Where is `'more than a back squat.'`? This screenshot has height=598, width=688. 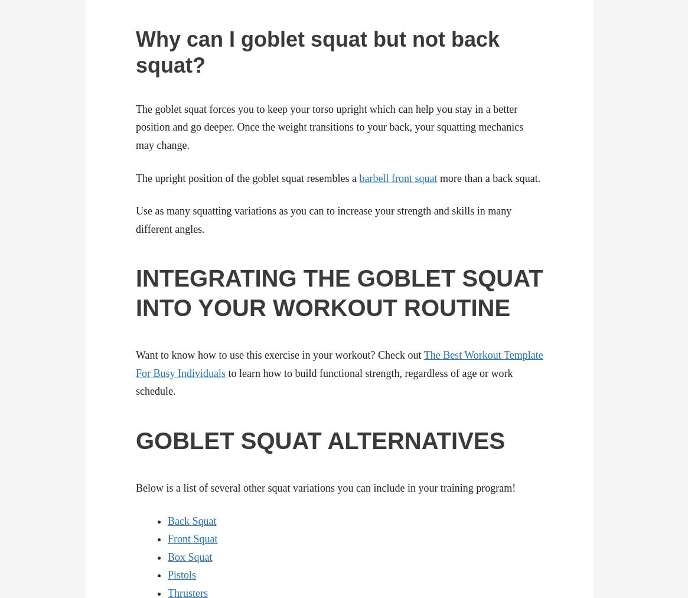 'more than a back squat.' is located at coordinates (488, 177).